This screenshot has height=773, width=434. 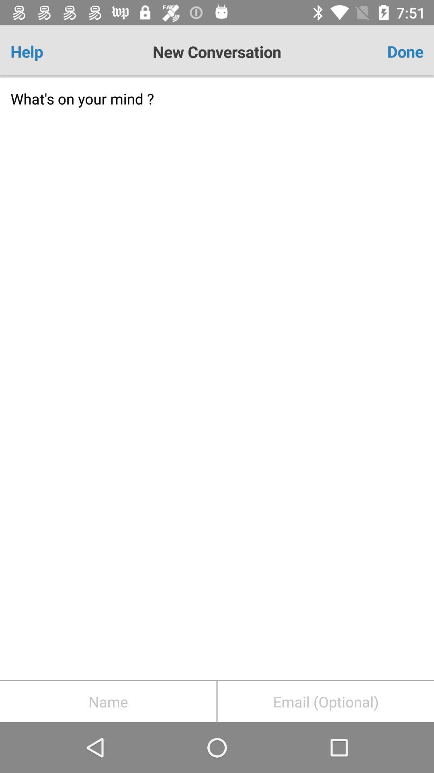 What do you see at coordinates (44, 51) in the screenshot?
I see `icon next to new conversation item` at bounding box center [44, 51].